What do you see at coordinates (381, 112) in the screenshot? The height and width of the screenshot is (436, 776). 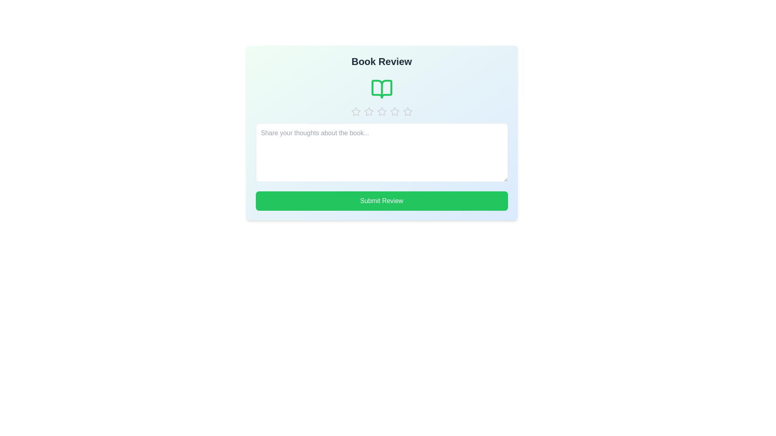 I see `the star corresponding to 3 to preview the rating` at bounding box center [381, 112].